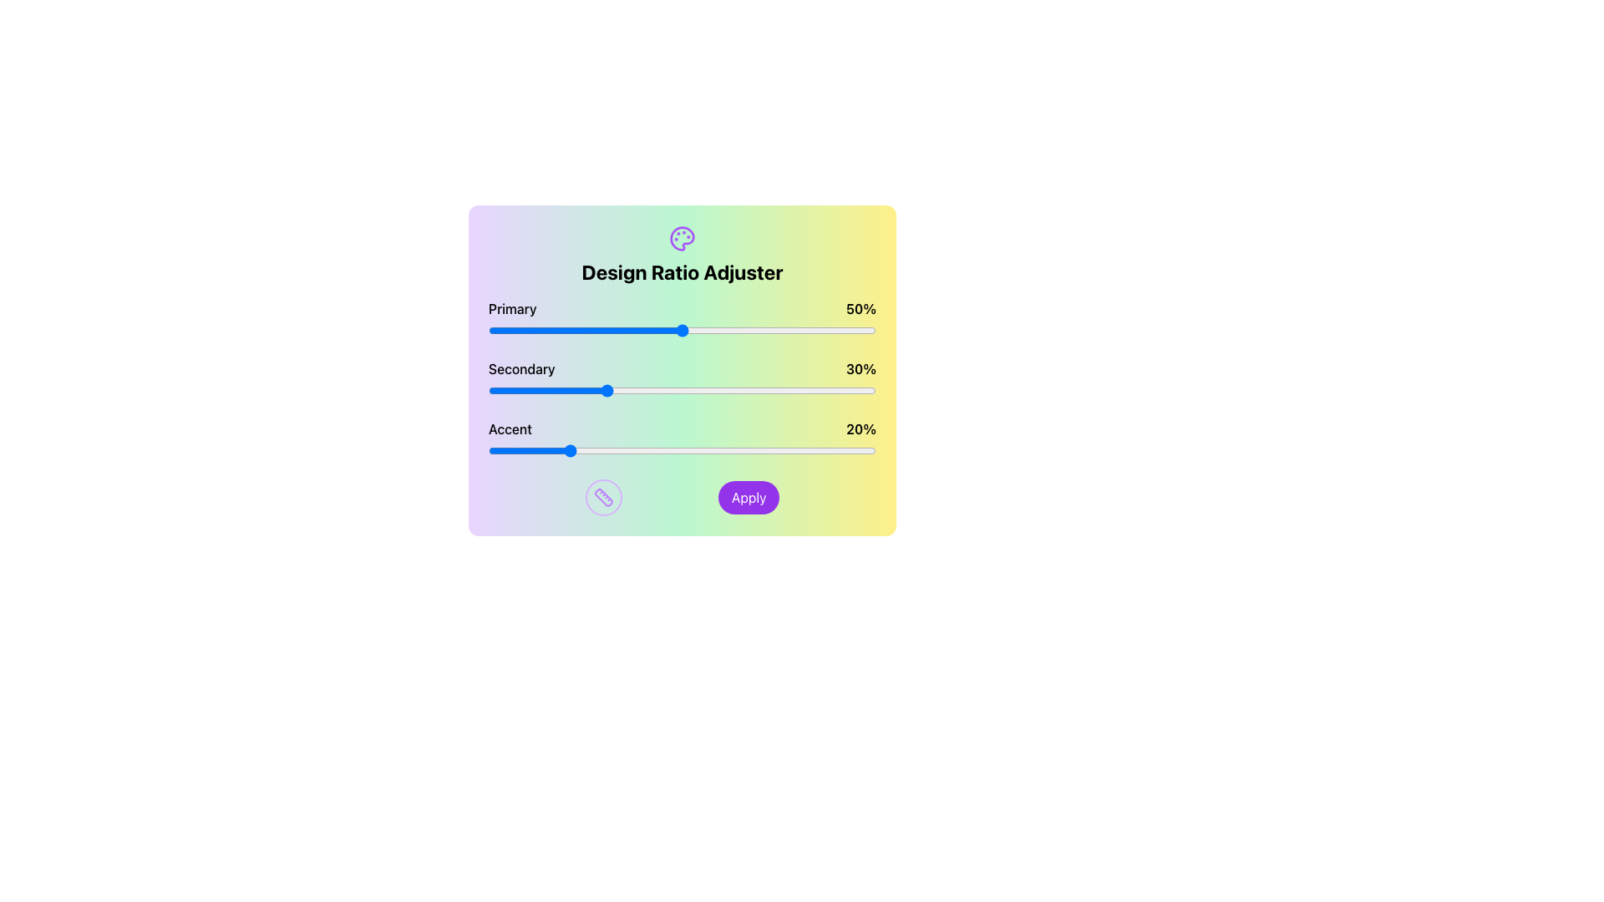  I want to click on the accent ratio slider, so click(698, 451).